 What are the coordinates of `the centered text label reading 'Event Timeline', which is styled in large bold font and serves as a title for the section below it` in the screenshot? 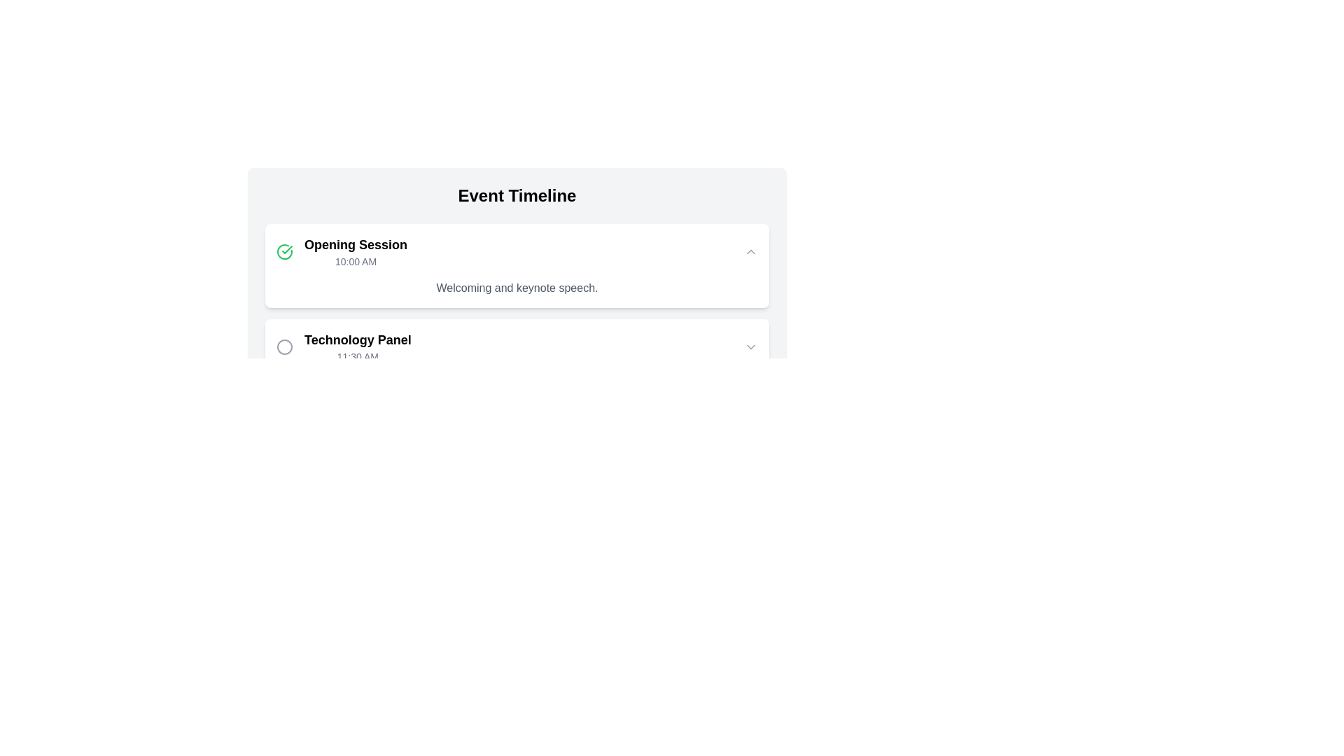 It's located at (517, 196).